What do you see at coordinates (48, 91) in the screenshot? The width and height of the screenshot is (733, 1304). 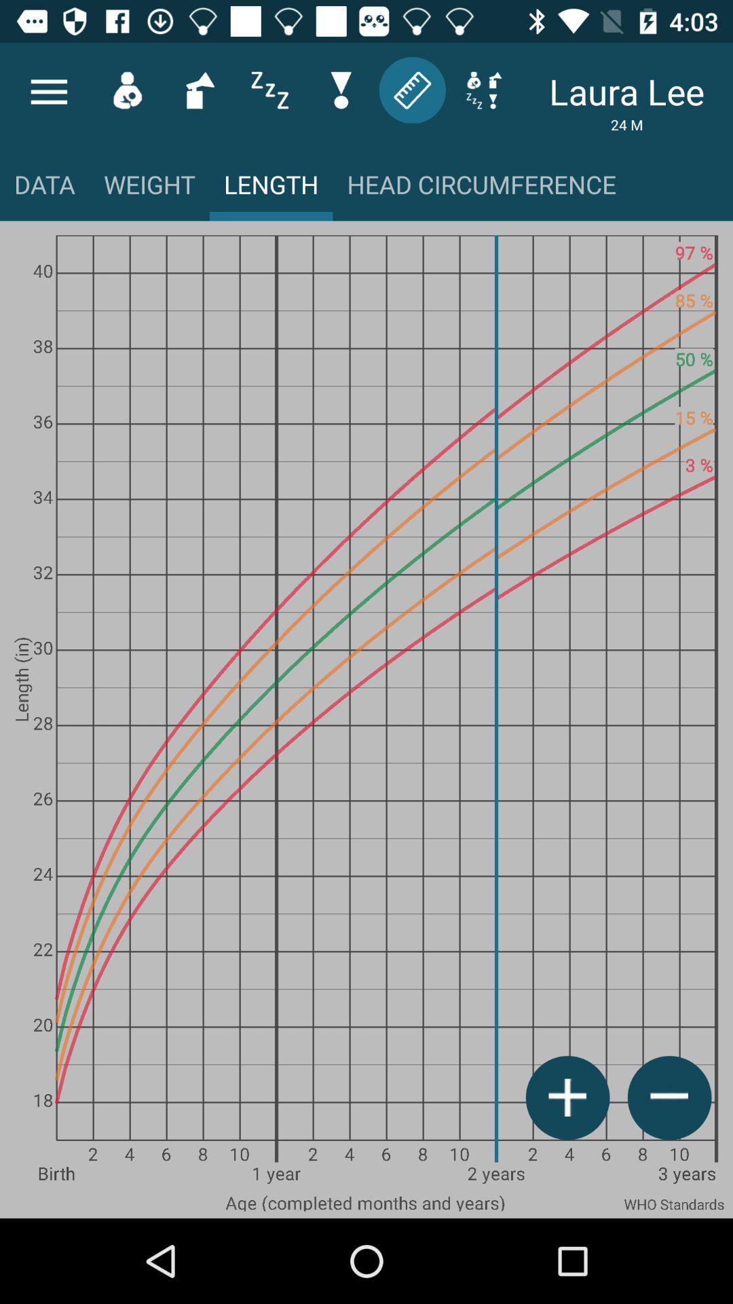 I see `the menu icon` at bounding box center [48, 91].